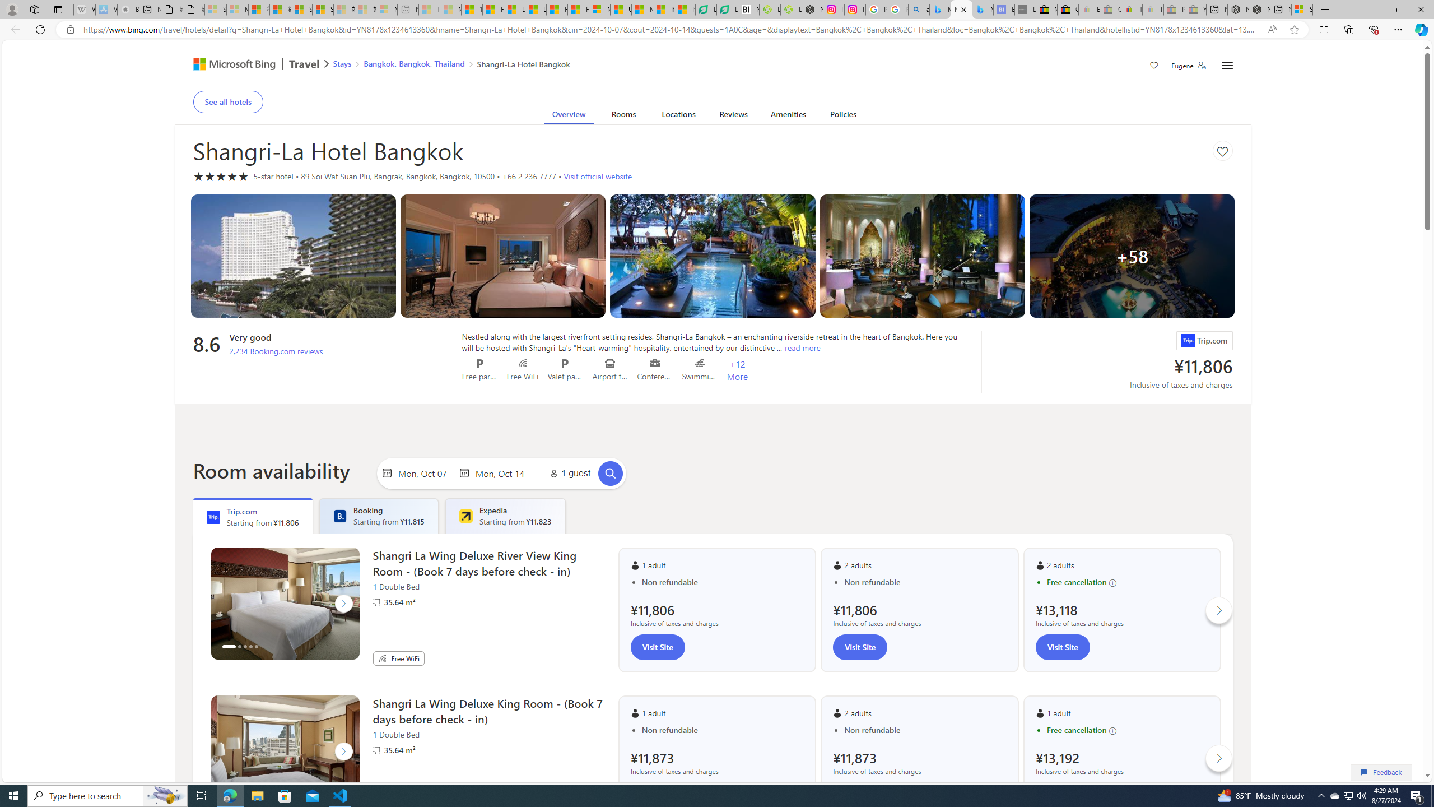 The width and height of the screenshot is (1434, 807). What do you see at coordinates (699, 363) in the screenshot?
I see `'Swimming pool'` at bounding box center [699, 363].